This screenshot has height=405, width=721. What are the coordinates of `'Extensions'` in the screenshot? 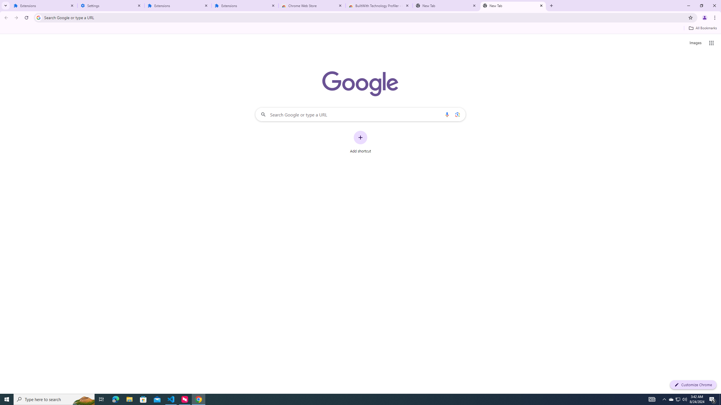 It's located at (245, 5).